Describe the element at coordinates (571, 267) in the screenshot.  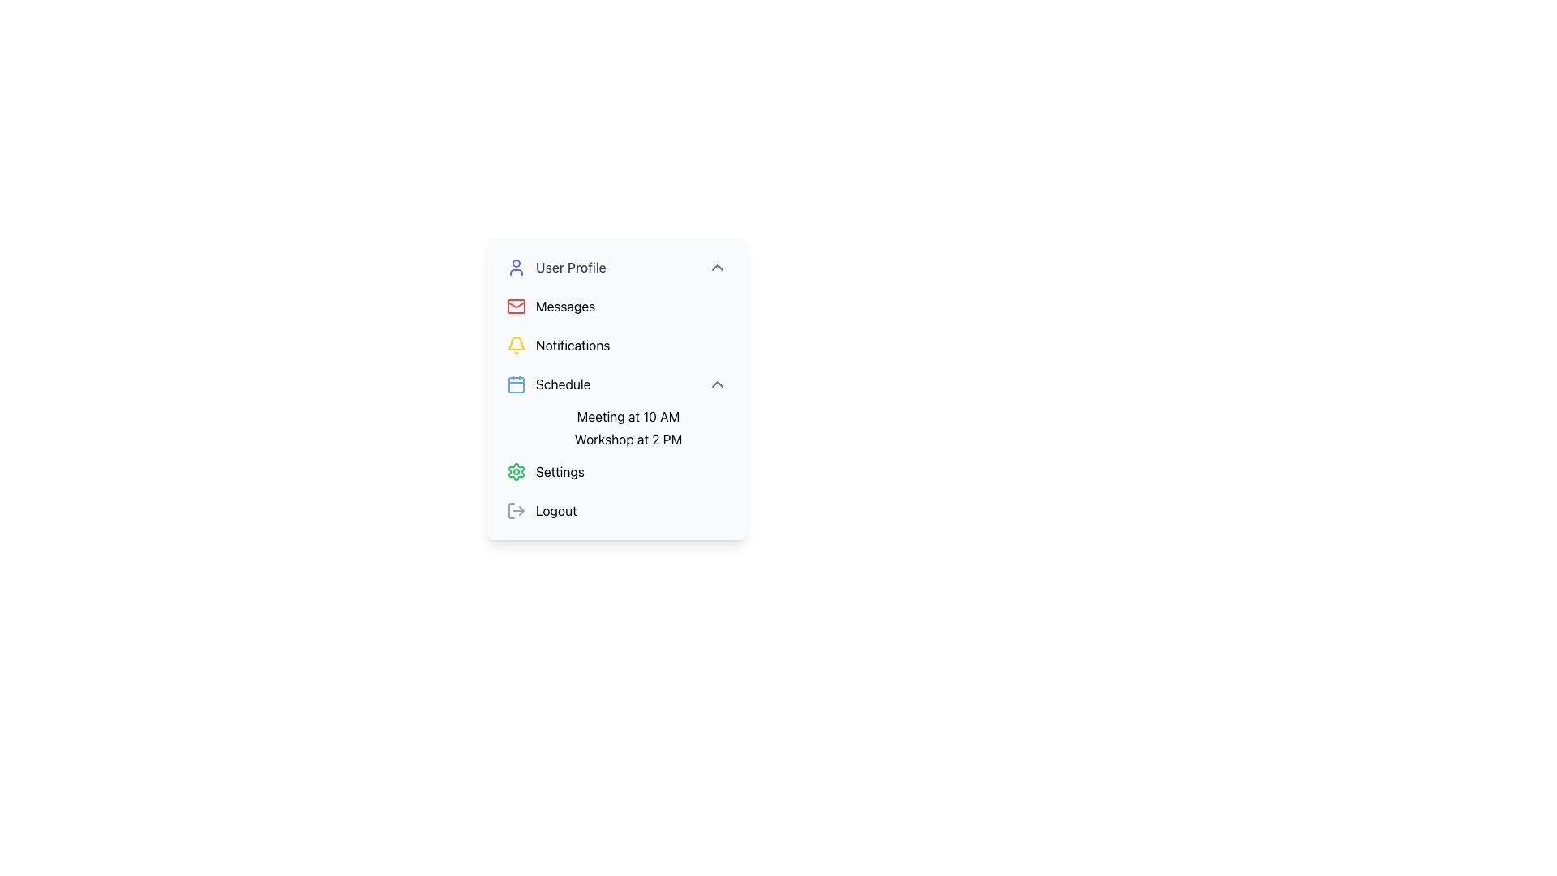
I see `text content of the 'User Profile' label, which is the first entry in the dropdown menu next to the user silhouette icon` at that location.